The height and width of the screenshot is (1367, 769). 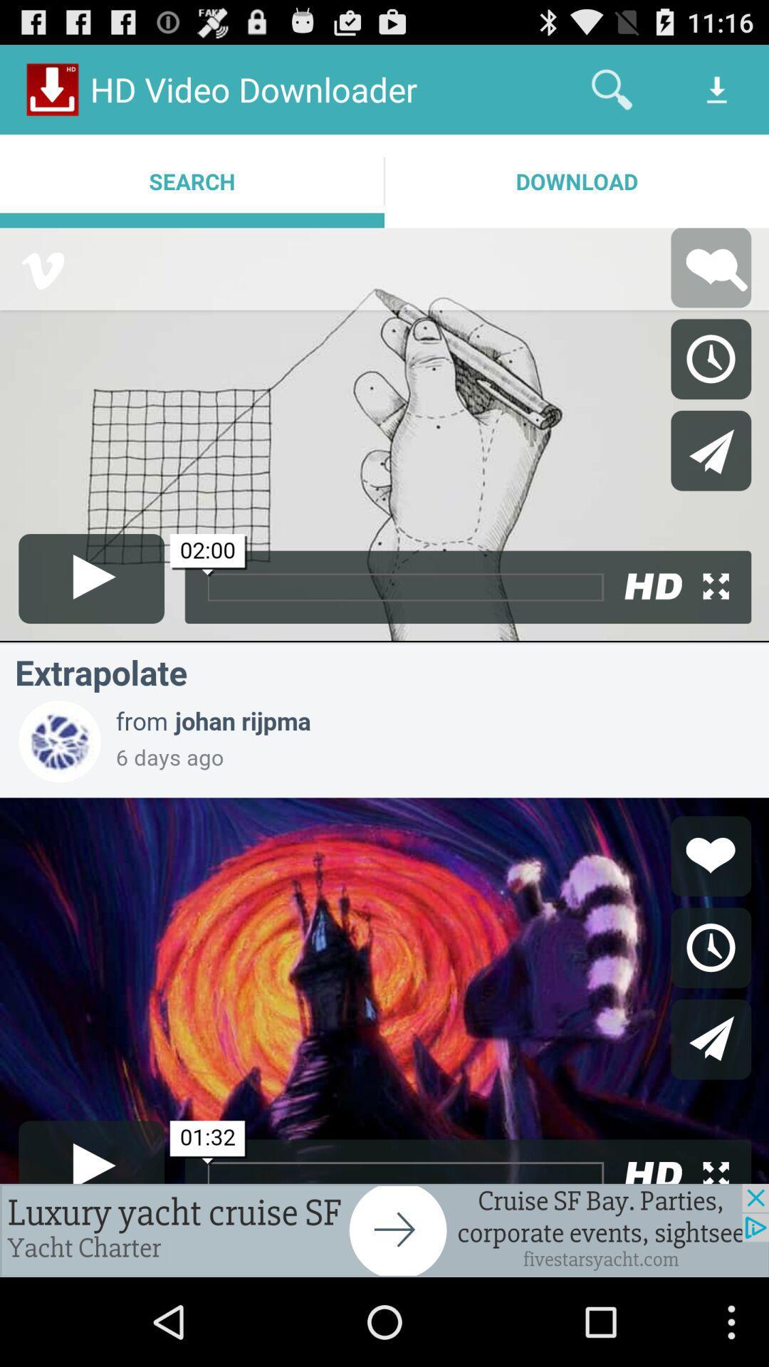 I want to click on the item next to the hd video downloader item, so click(x=611, y=88).